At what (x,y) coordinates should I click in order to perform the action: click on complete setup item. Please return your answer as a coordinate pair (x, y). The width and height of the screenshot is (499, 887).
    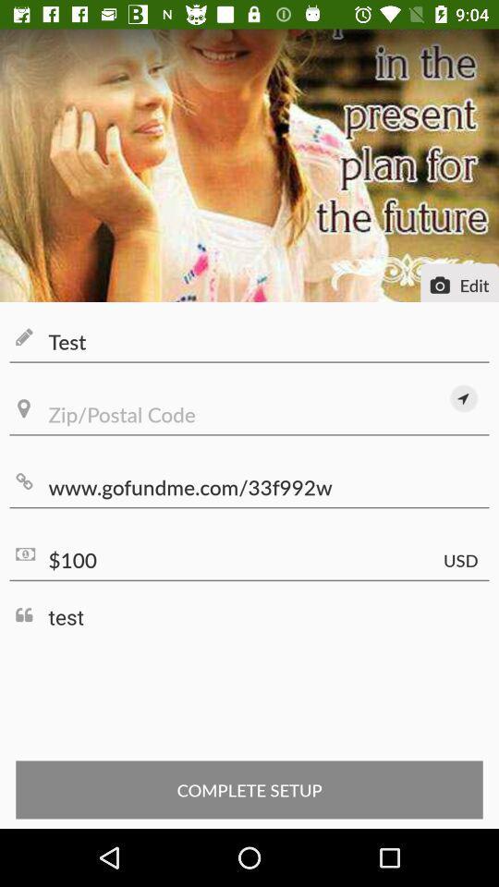
    Looking at the image, I should click on (249, 788).